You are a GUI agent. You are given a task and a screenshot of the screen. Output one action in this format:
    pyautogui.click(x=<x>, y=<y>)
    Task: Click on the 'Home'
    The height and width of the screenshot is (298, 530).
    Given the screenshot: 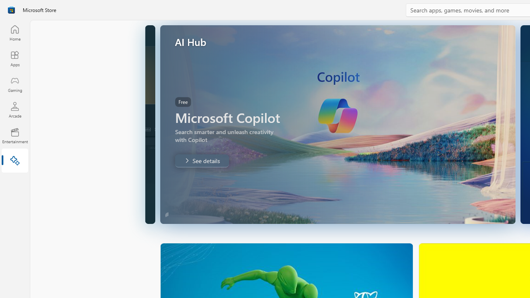 What is the action you would take?
    pyautogui.click(x=14, y=32)
    